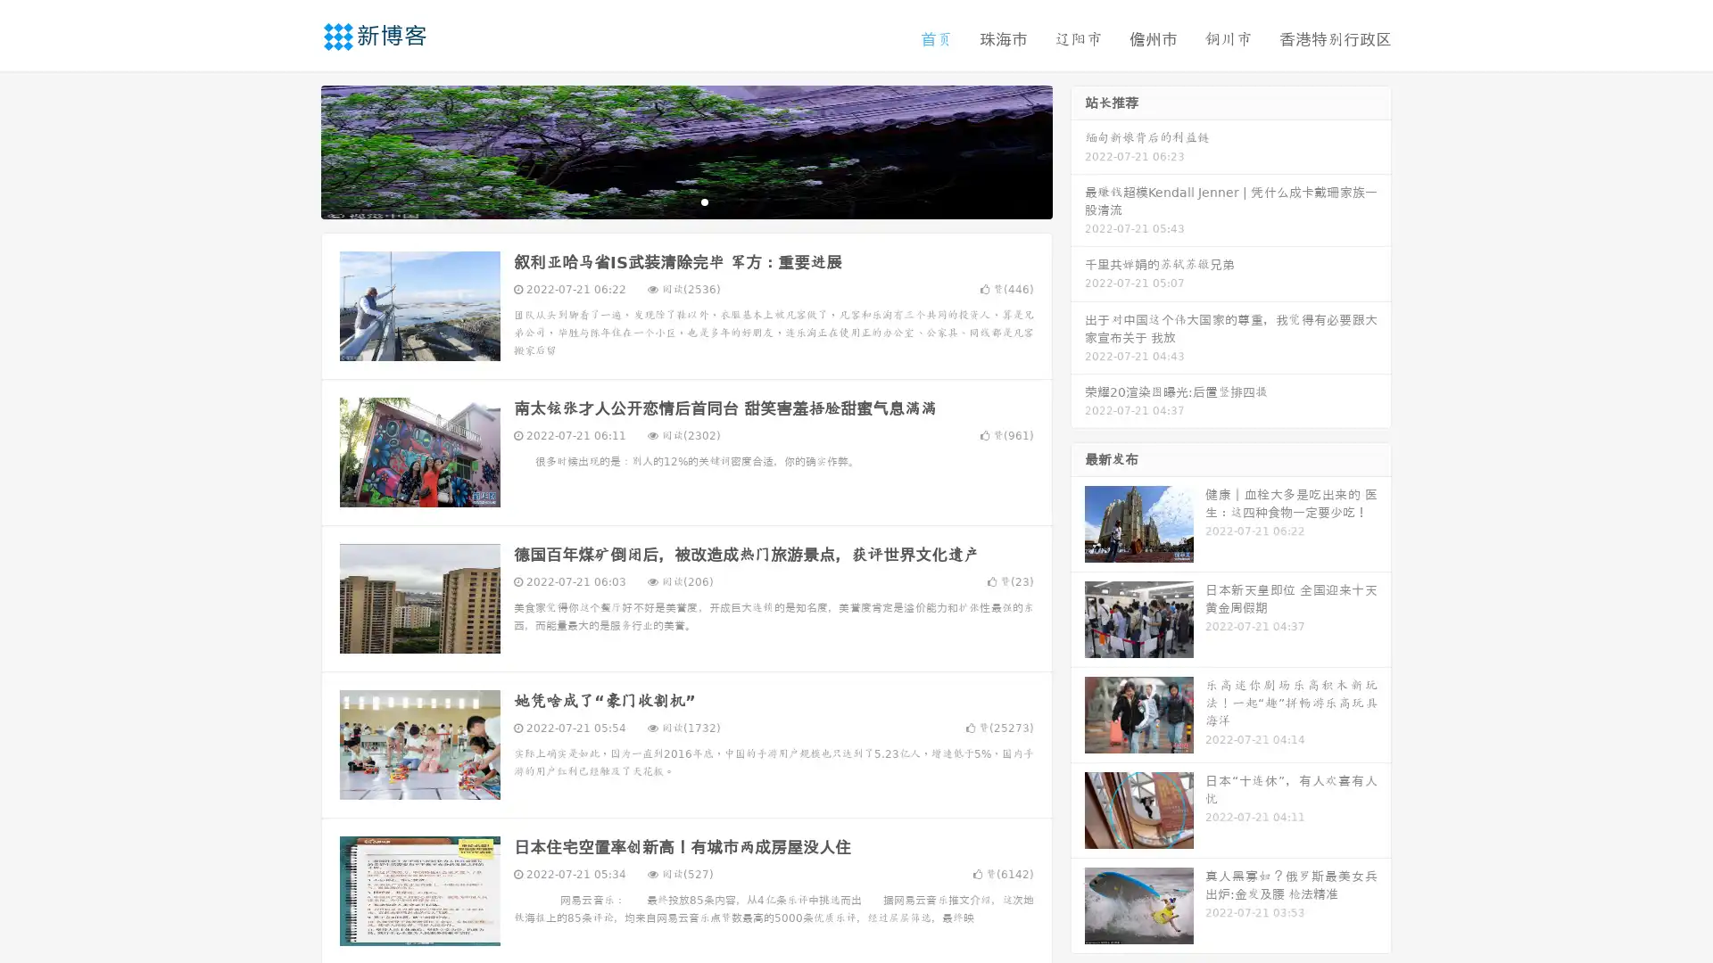 The width and height of the screenshot is (1713, 963). Describe the element at coordinates (1078, 150) in the screenshot. I see `Next slide` at that location.